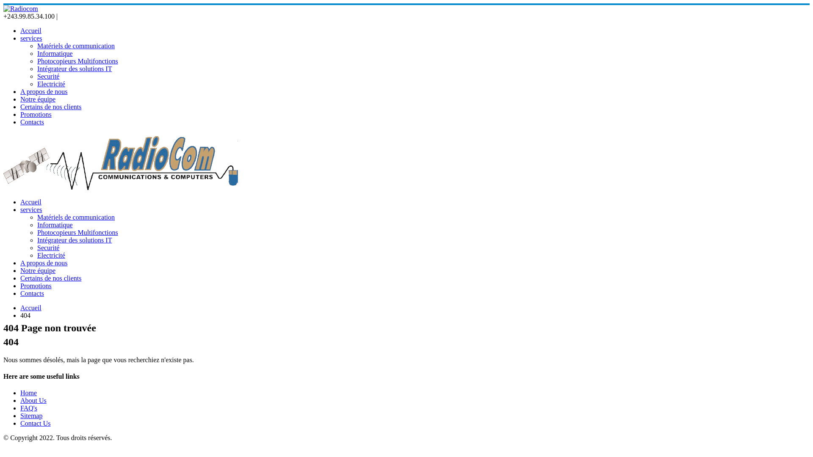 This screenshot has height=457, width=813. I want to click on 'FAQ's', so click(28, 407).